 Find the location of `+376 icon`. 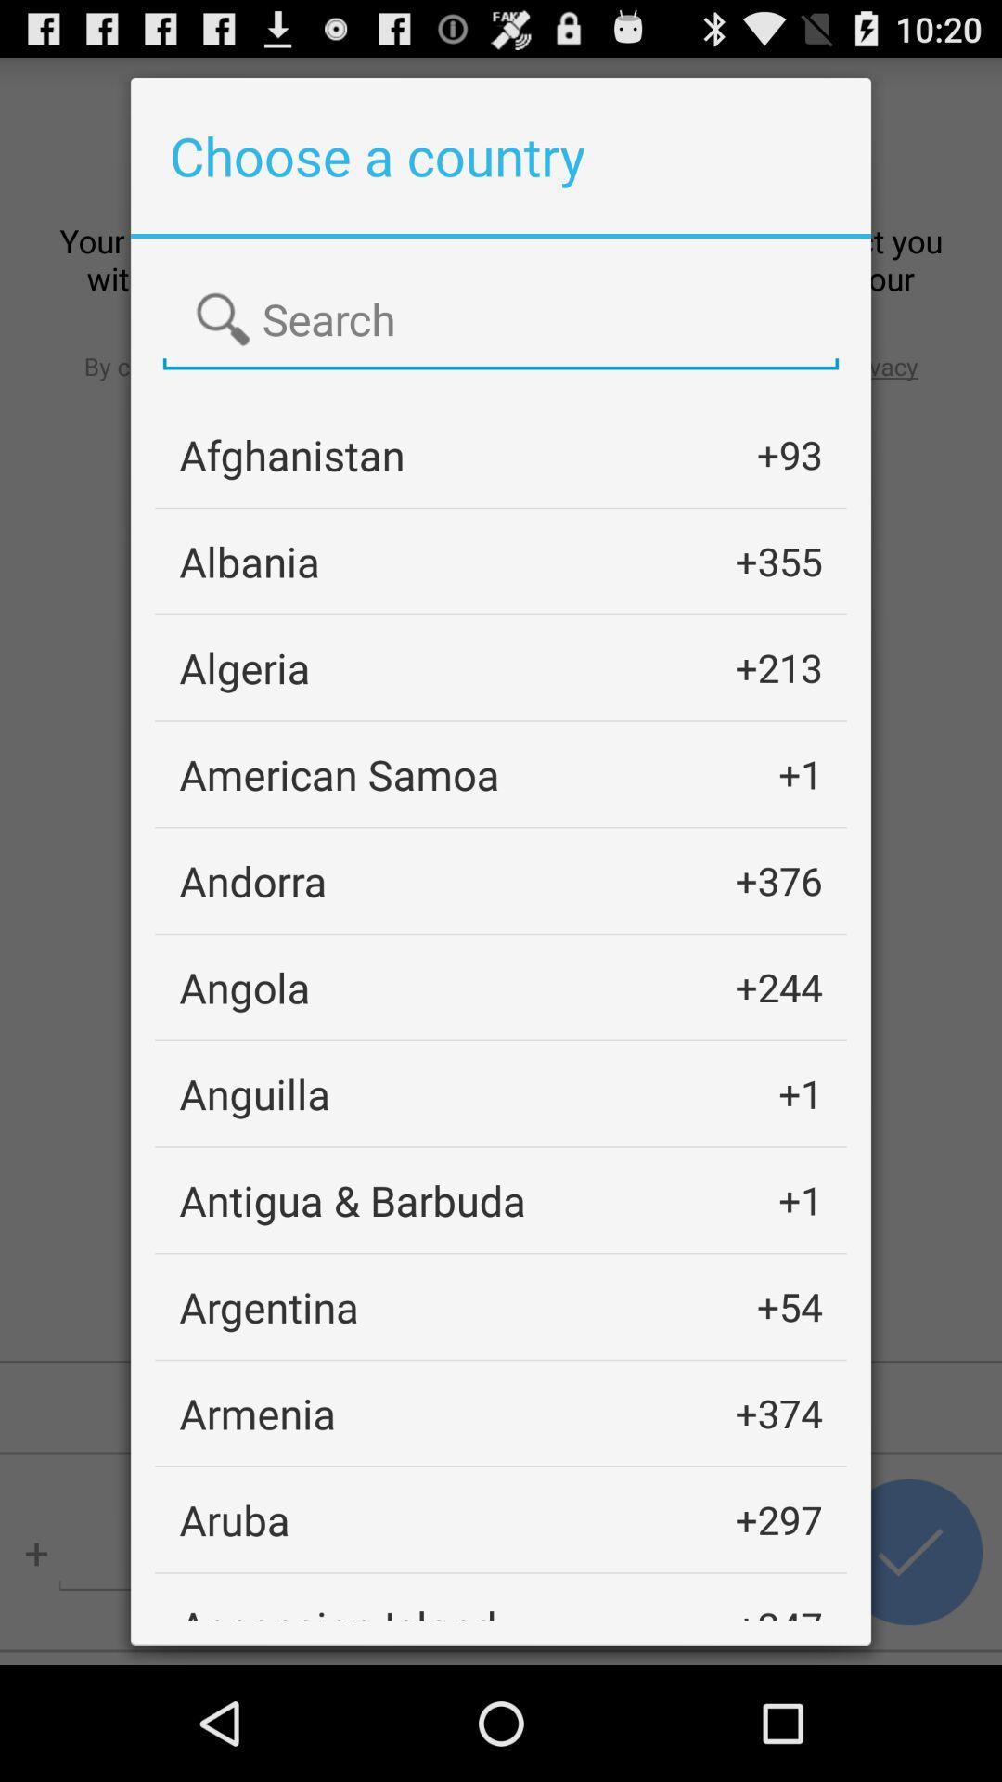

+376 icon is located at coordinates (778, 880).